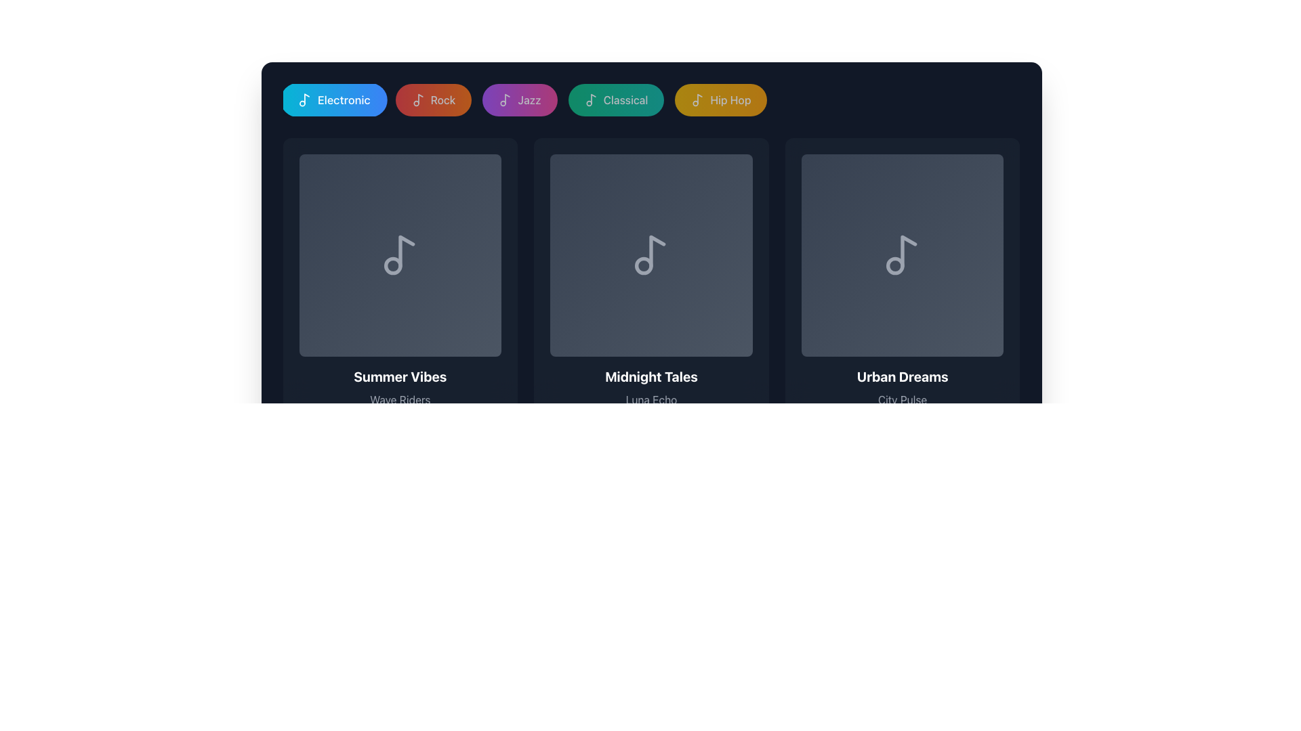 Image resolution: width=1301 pixels, height=731 pixels. What do you see at coordinates (442, 99) in the screenshot?
I see `text 'Rock' which signifies a category or filtering option in the interface, located in the fourth button of the row of tabs` at bounding box center [442, 99].